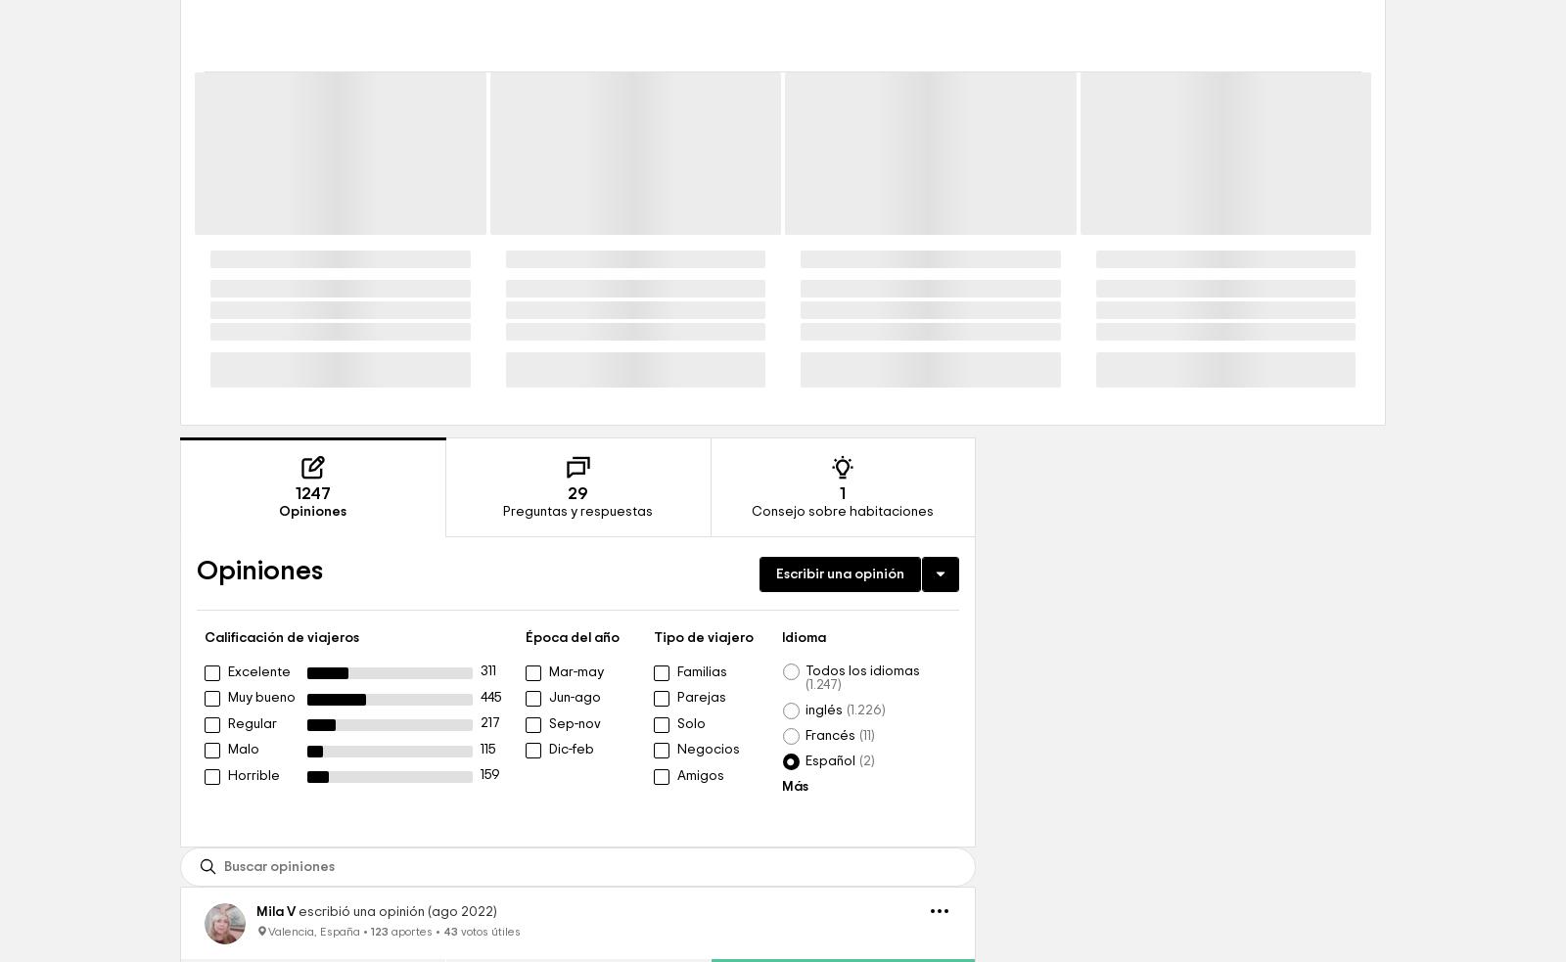 The width and height of the screenshot is (1566, 962). I want to click on 'Ver todos los hoteles cercanos', so click(302, 106).